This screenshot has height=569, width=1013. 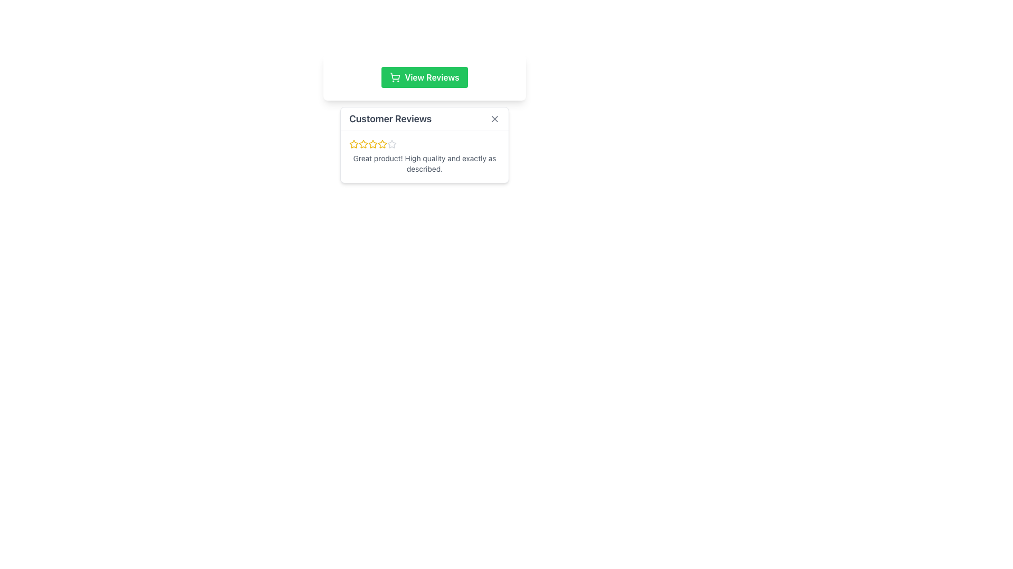 What do you see at coordinates (372, 144) in the screenshot?
I see `the third star` at bounding box center [372, 144].